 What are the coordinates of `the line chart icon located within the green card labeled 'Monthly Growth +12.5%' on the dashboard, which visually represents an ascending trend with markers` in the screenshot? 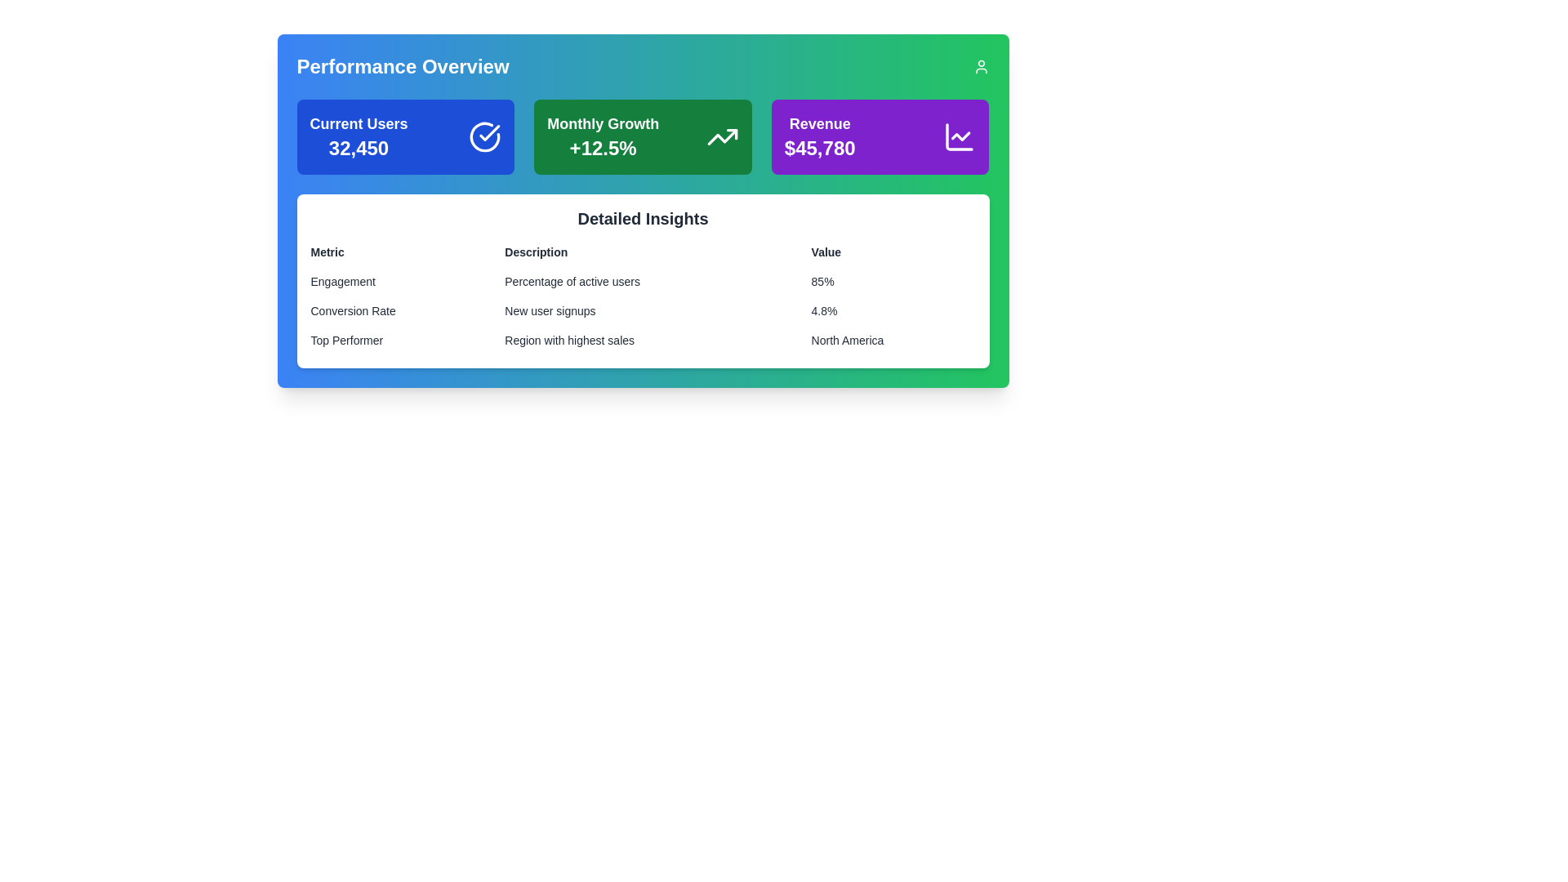 It's located at (721, 136).